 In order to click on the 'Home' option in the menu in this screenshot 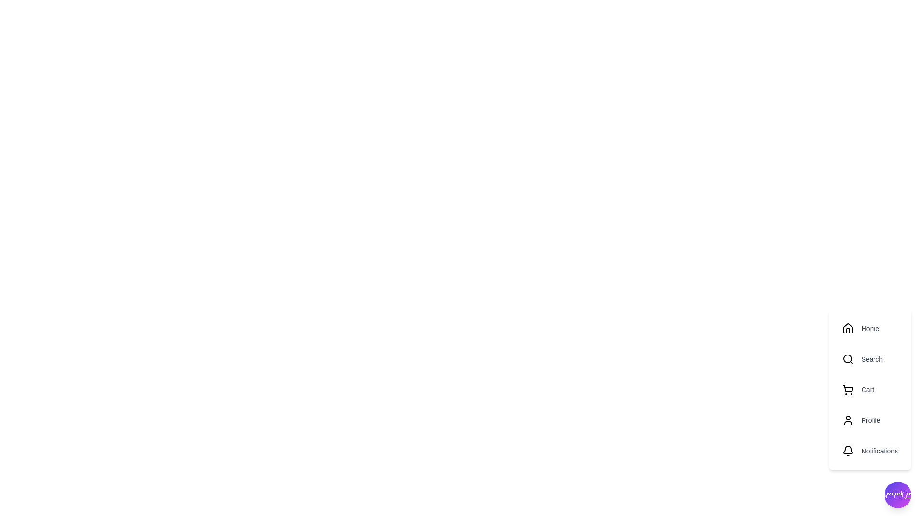, I will do `click(870, 328)`.